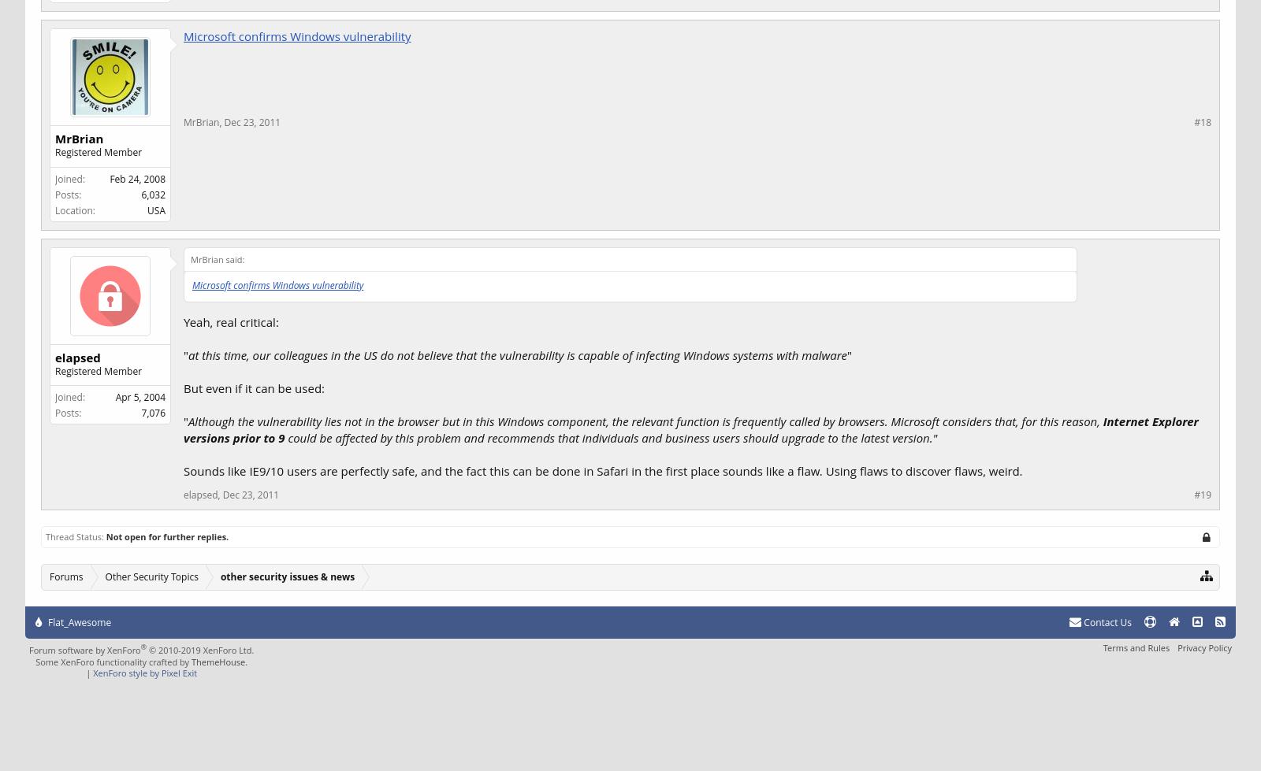  I want to click on 'Not open for further replies.', so click(167, 535).